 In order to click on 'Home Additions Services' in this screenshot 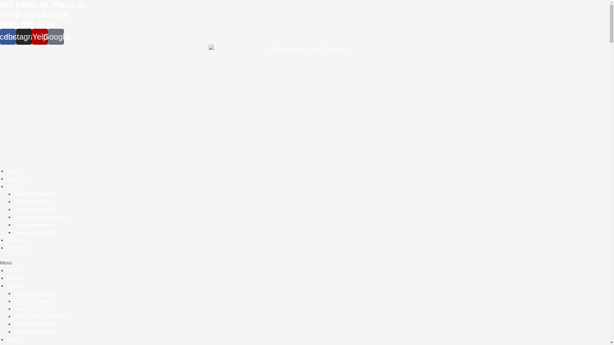, I will do `click(40, 217)`.